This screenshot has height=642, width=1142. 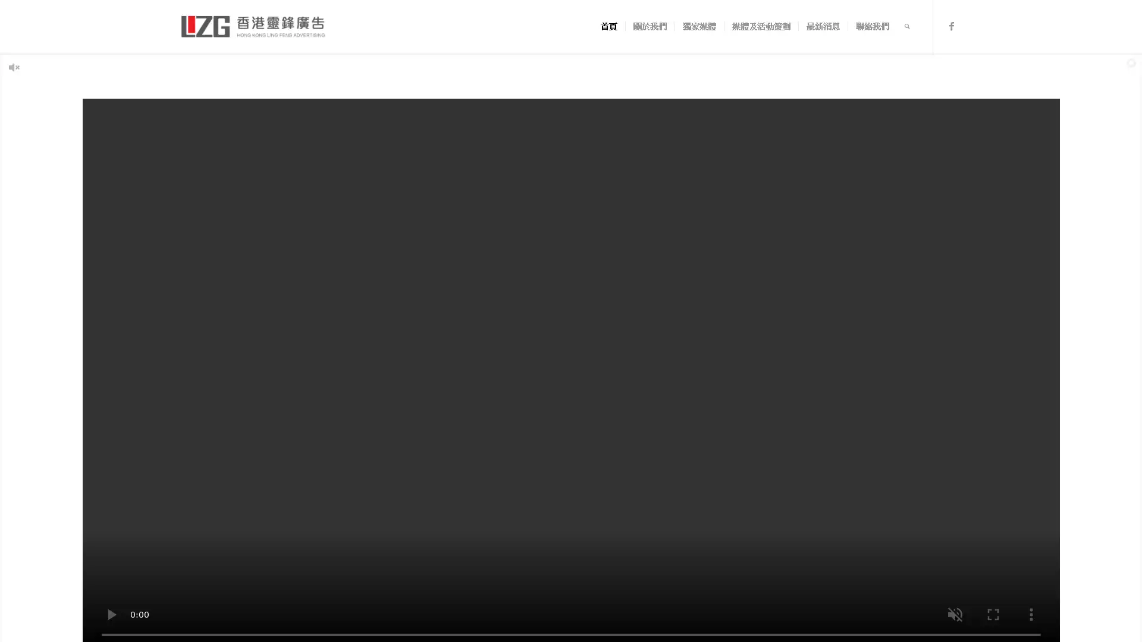 I want to click on enter full screen, so click(x=993, y=614).